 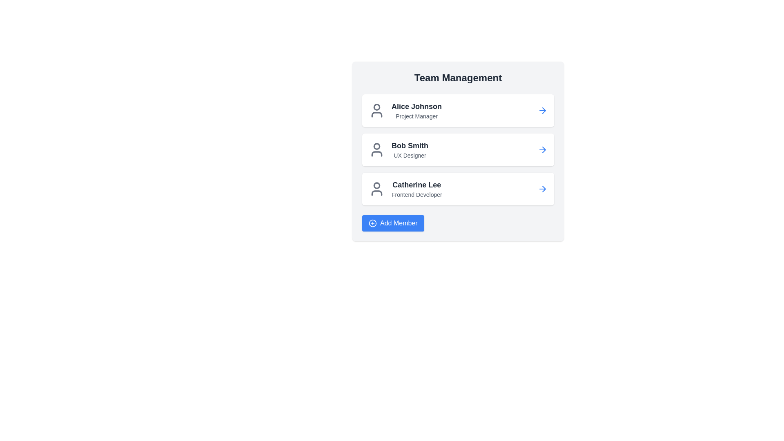 What do you see at coordinates (405, 189) in the screenshot?
I see `the Profile display component for 'Catherine Lee', which includes a user avatar icon and the text 'Catherine Lee' in bold with the role 'Frontend Developer' below it` at bounding box center [405, 189].